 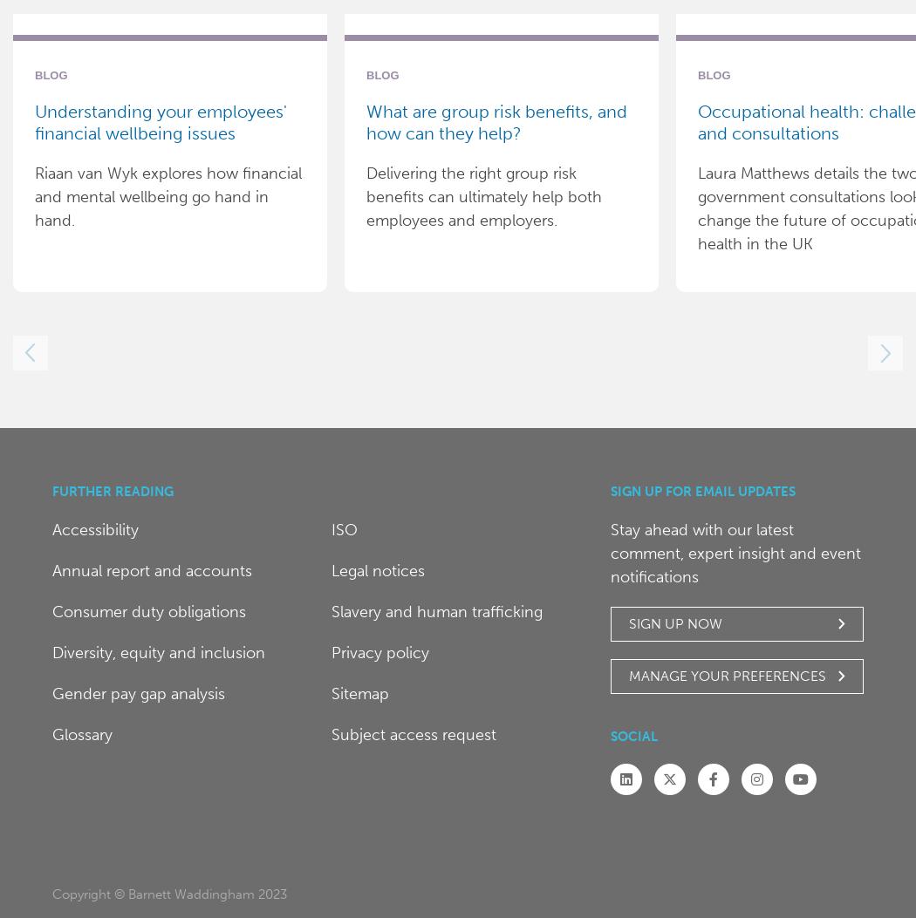 What do you see at coordinates (343, 528) in the screenshot?
I see `'ISO'` at bounding box center [343, 528].